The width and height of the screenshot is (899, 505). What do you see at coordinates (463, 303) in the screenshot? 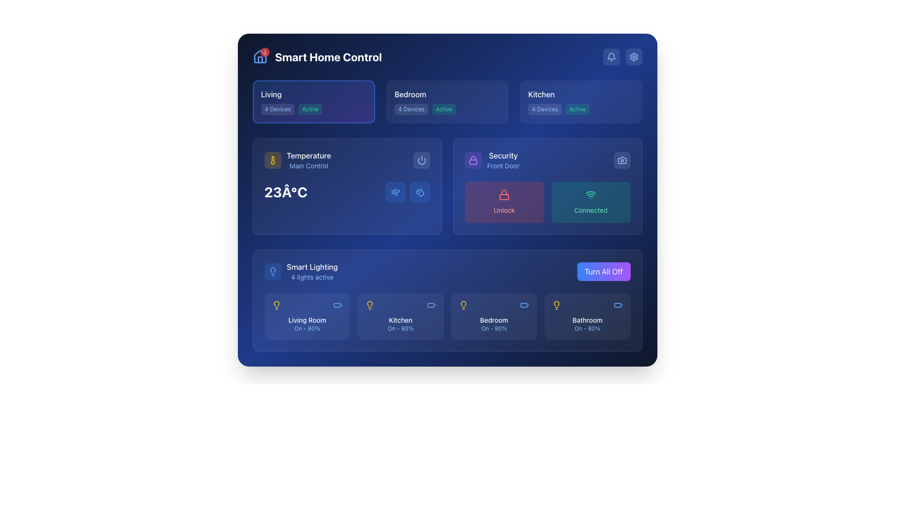
I see `the filament element of the lightbulb graphic in the Smart Lighting section labeled 'Bedroom On - 80%', which is centered at the coordinates provided` at bounding box center [463, 303].